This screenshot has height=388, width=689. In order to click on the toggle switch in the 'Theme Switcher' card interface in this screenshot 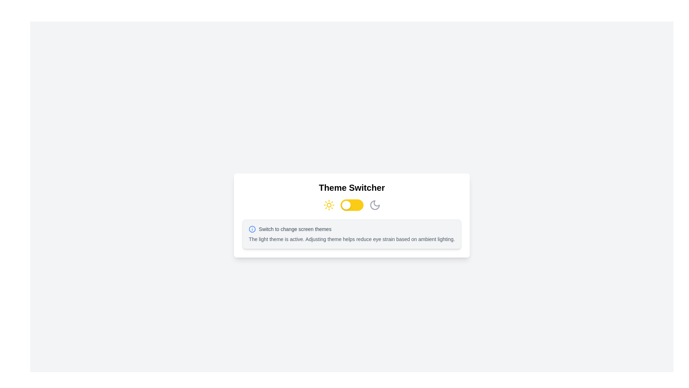, I will do `click(352, 205)`.